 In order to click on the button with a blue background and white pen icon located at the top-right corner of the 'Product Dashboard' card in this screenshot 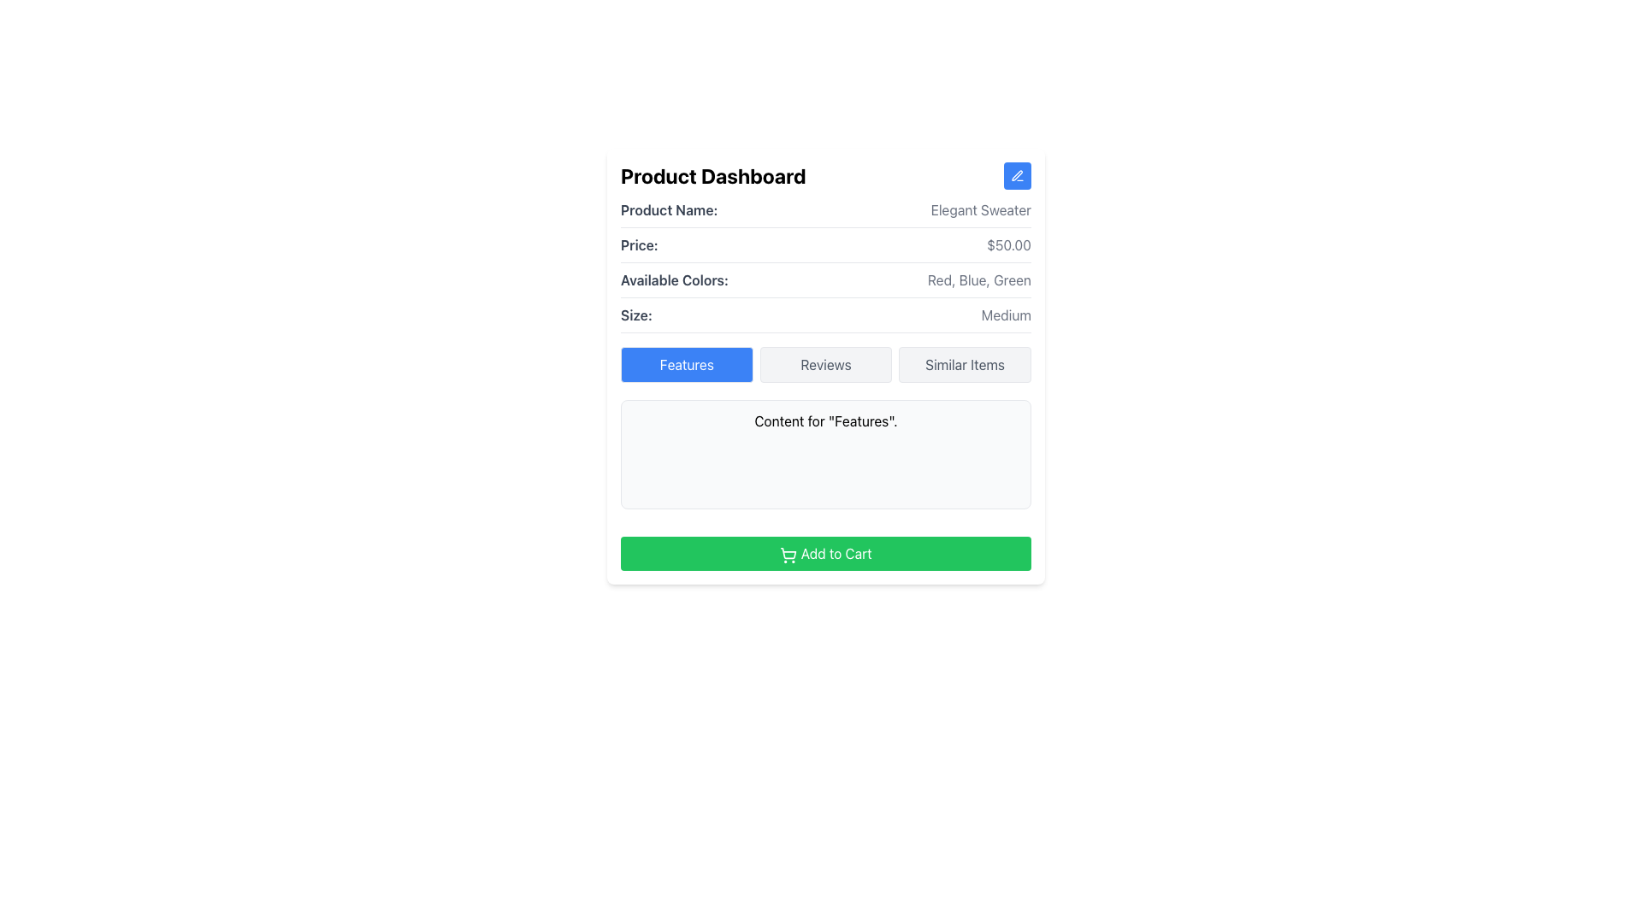, I will do `click(1018, 175)`.